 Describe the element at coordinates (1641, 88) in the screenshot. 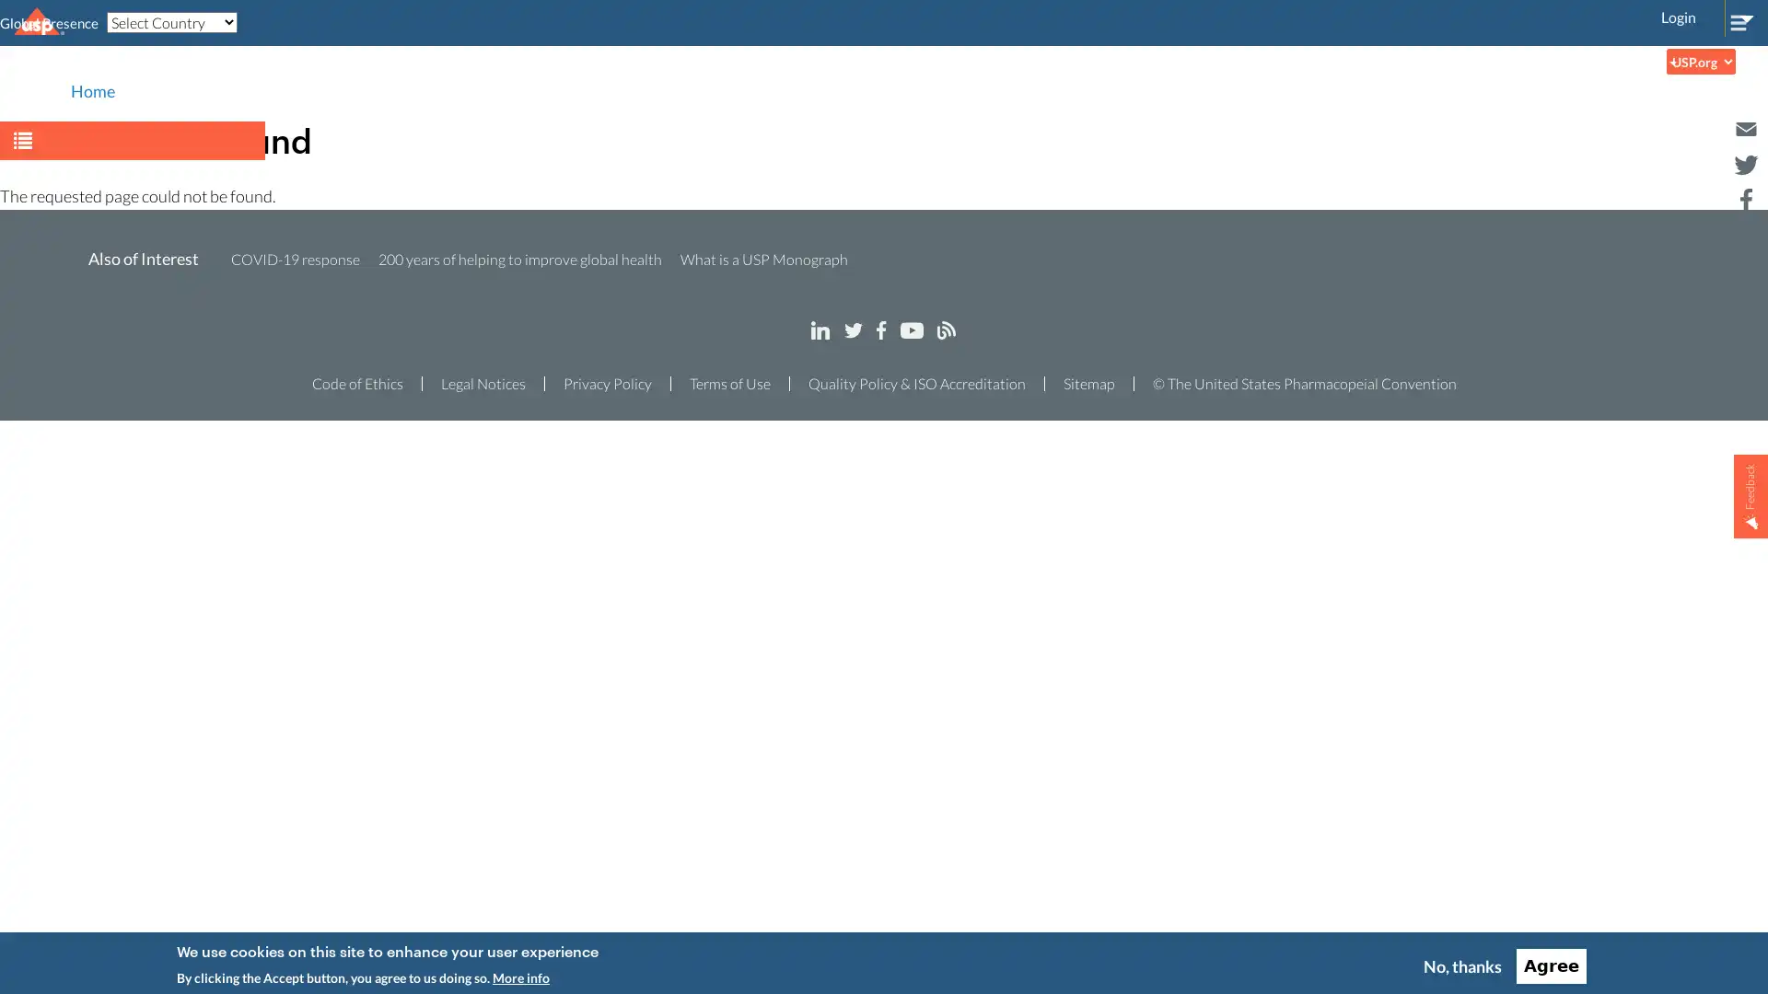

I see `Search` at that location.